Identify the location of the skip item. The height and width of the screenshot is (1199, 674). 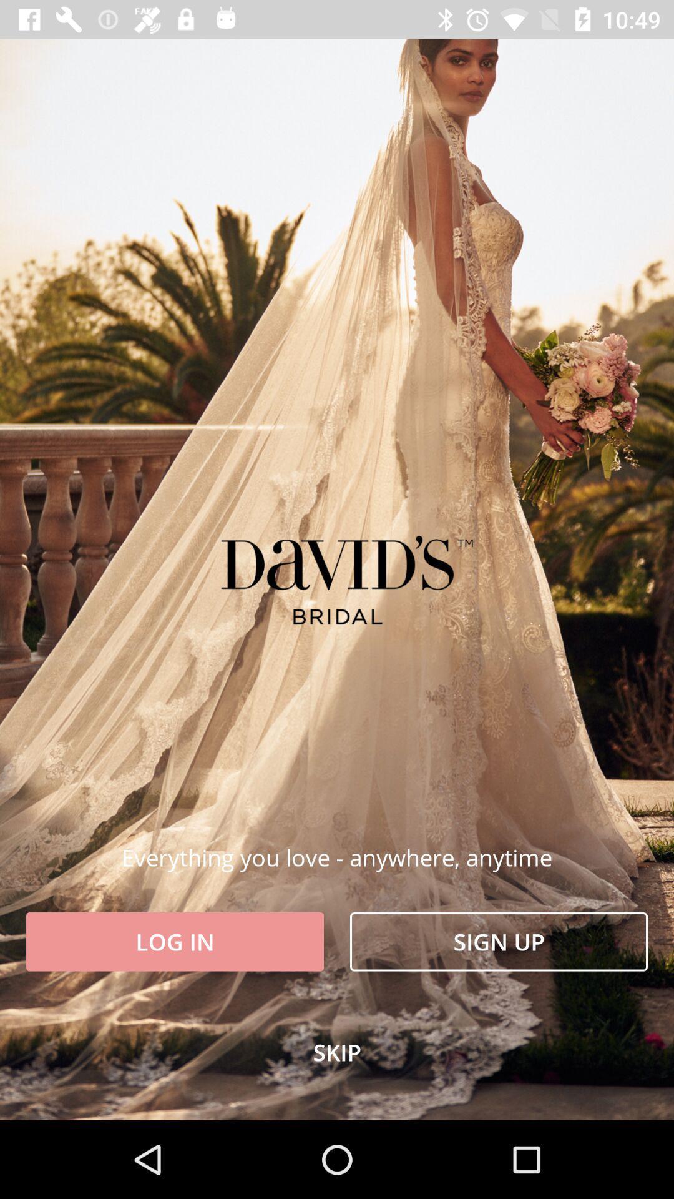
(337, 1052).